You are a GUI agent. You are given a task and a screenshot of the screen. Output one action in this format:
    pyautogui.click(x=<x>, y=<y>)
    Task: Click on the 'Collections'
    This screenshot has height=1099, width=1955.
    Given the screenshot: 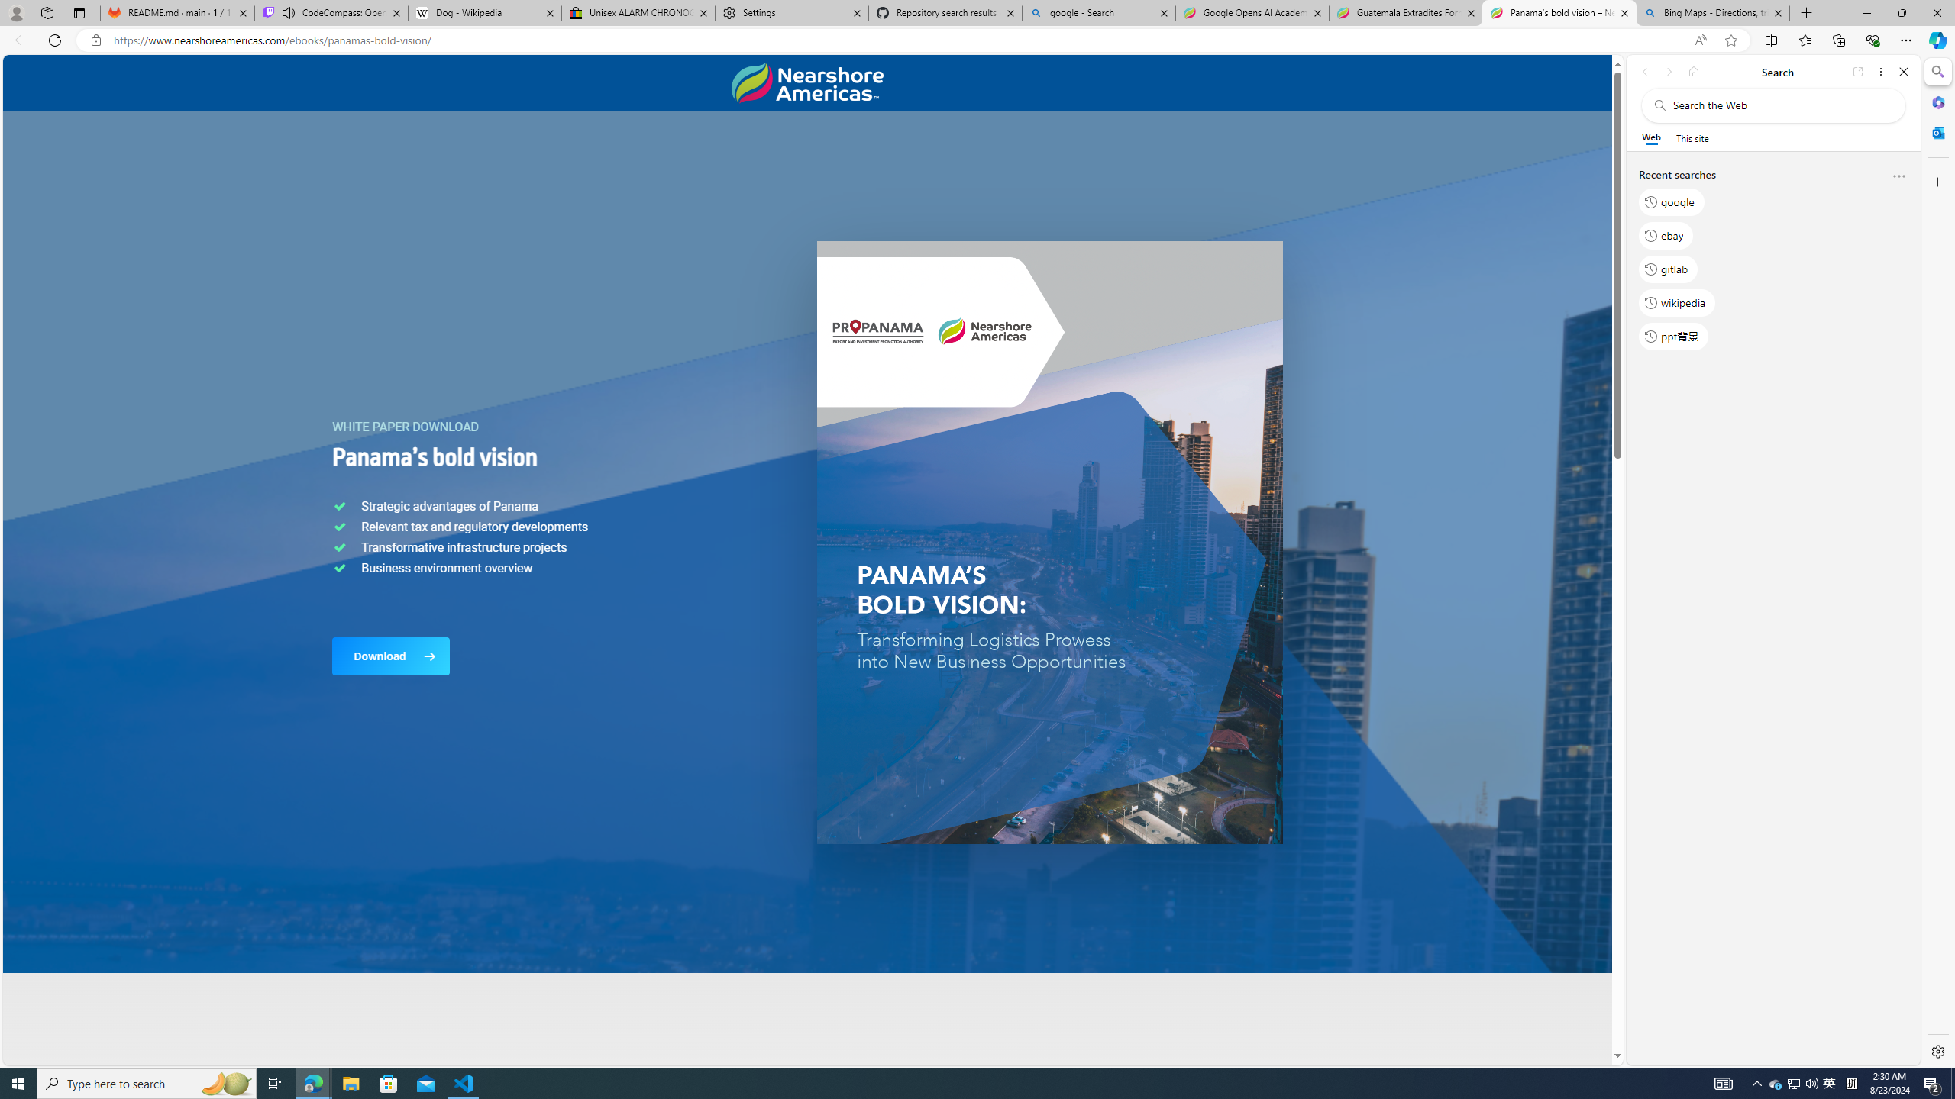 What is the action you would take?
    pyautogui.click(x=1837, y=39)
    